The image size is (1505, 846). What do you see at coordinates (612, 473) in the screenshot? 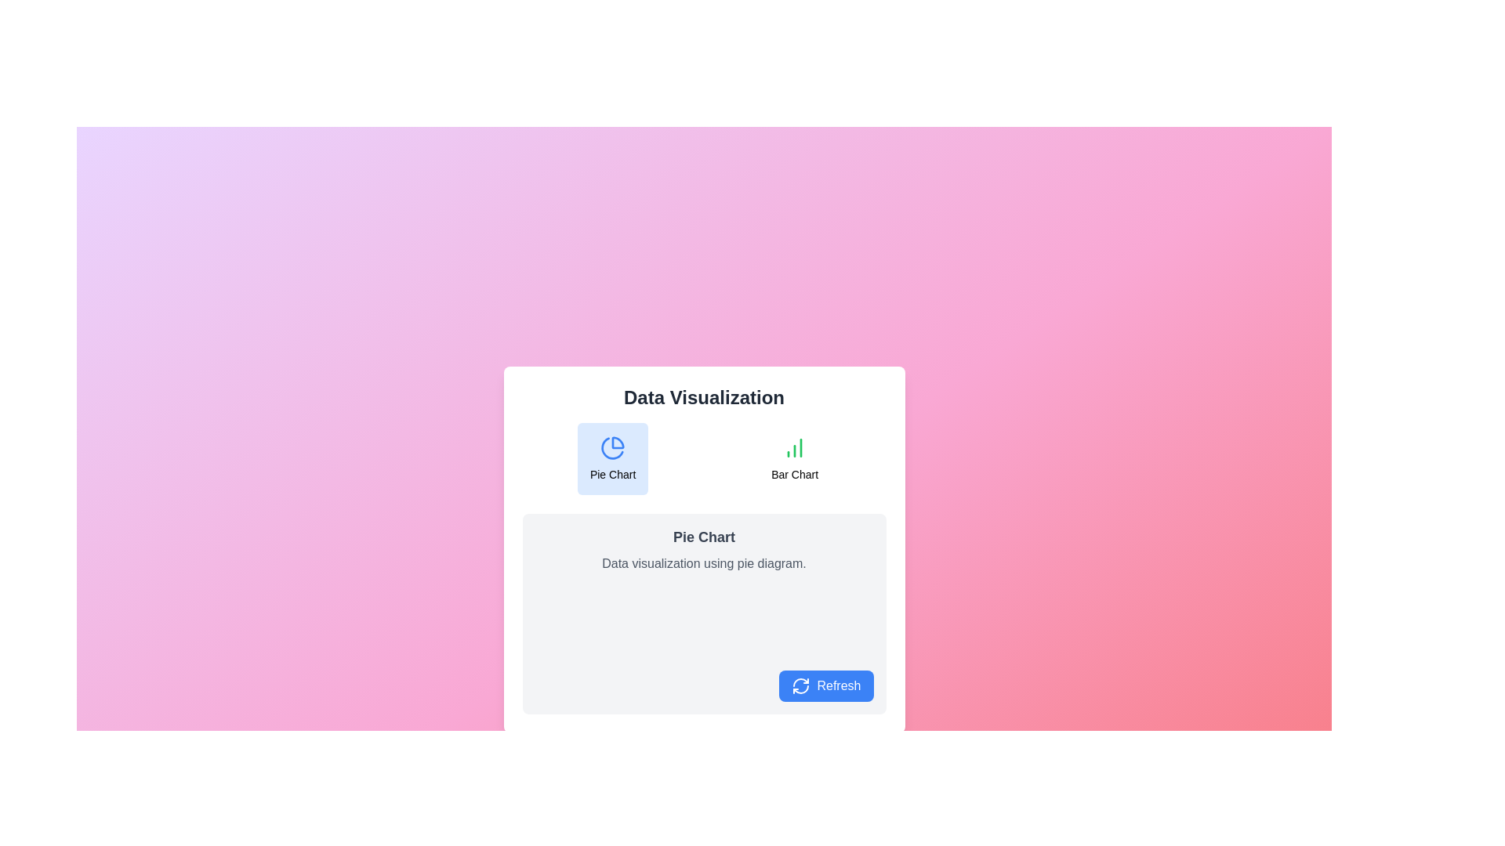
I see `text label that describes the purpose of the pie chart icon located beneath it in the left card of the 'Data Visualization' section` at bounding box center [612, 473].